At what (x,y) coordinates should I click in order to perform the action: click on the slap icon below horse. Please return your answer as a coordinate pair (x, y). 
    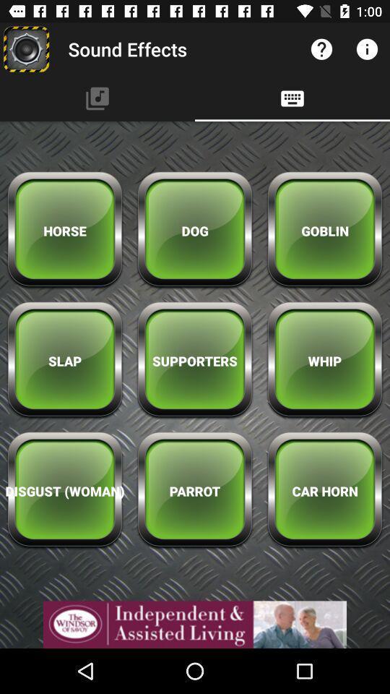
    Looking at the image, I should click on (64, 360).